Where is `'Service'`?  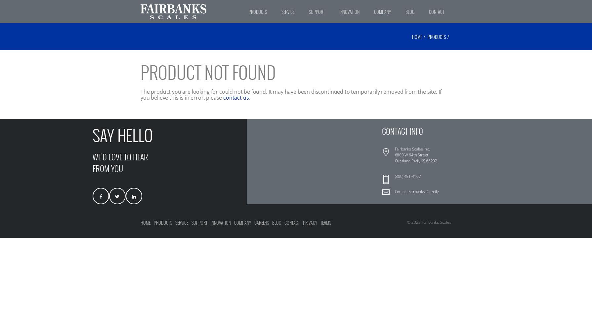 'Service' is located at coordinates (175, 223).